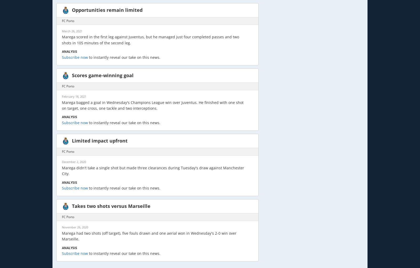 This screenshot has height=268, width=420. Describe the element at coordinates (62, 105) in the screenshot. I see `'Marega bagged a goal in Wednesday's Champions League win over Juventus. He finished with one shot on target, one cross, one tackle and two interceptions.'` at that location.